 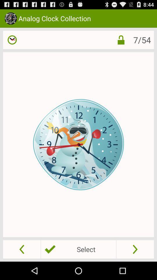 I want to click on icon next to the 7/54, so click(x=121, y=39).